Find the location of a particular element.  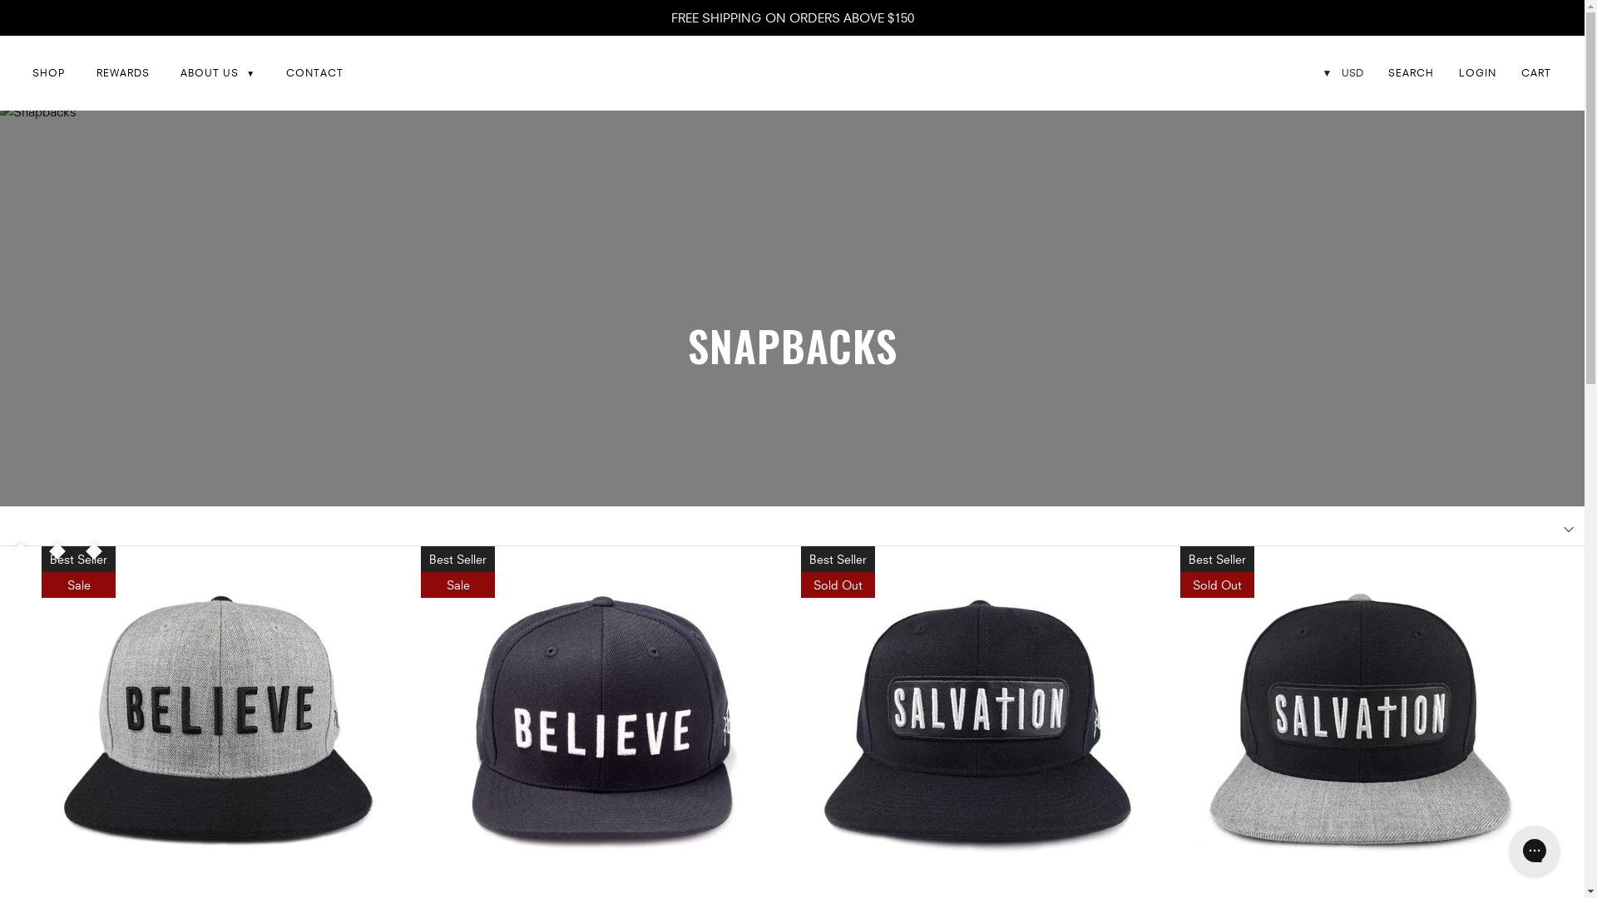

'AUD' is located at coordinates (1341, 223).